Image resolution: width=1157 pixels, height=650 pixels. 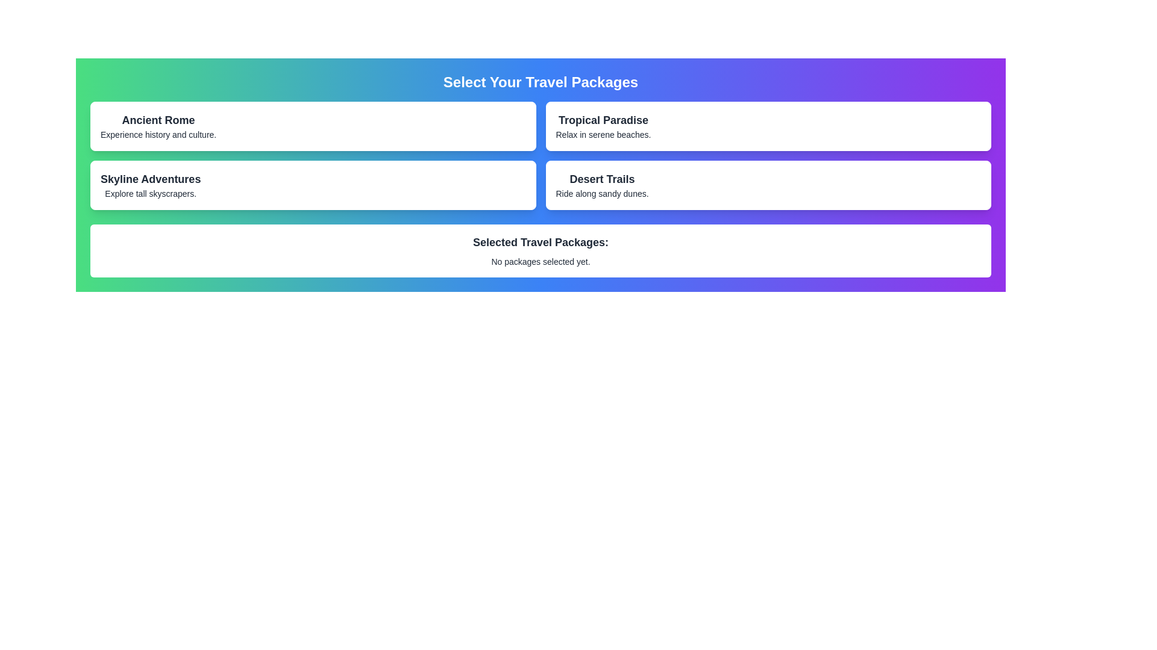 I want to click on status information from the text label that states 'No packages selected yet.' positioned beneath the 'Selected Travel Packages:' heading, so click(x=540, y=261).